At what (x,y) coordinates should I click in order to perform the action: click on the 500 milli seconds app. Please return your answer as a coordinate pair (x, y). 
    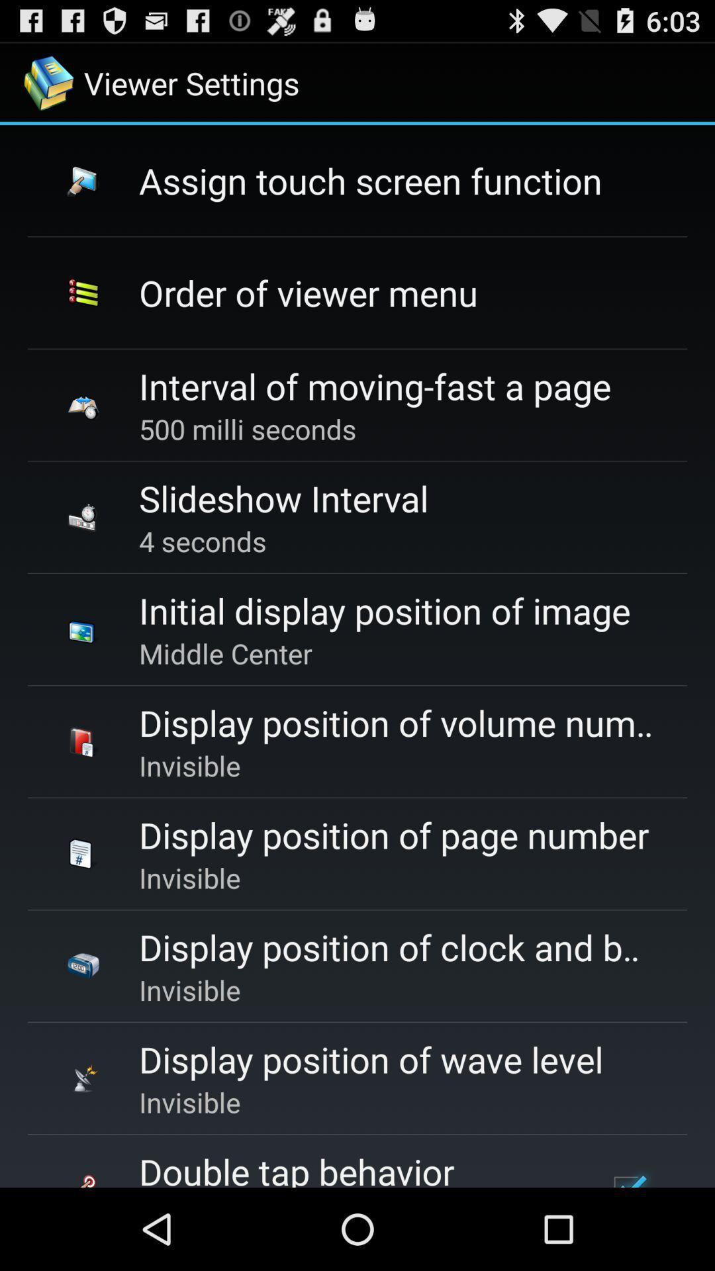
    Looking at the image, I should click on (248, 429).